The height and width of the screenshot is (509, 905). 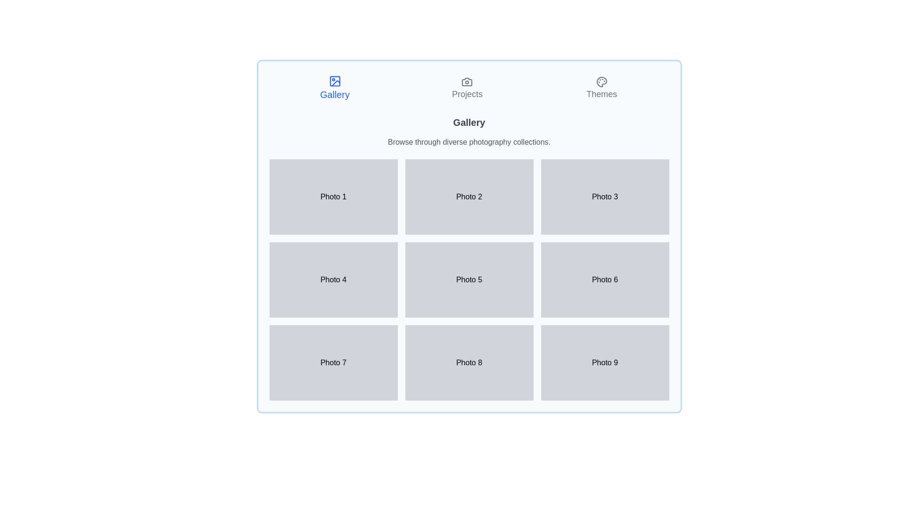 I want to click on the 'Gallery' button located at the leftmost side of the navigation menu, so click(x=335, y=89).